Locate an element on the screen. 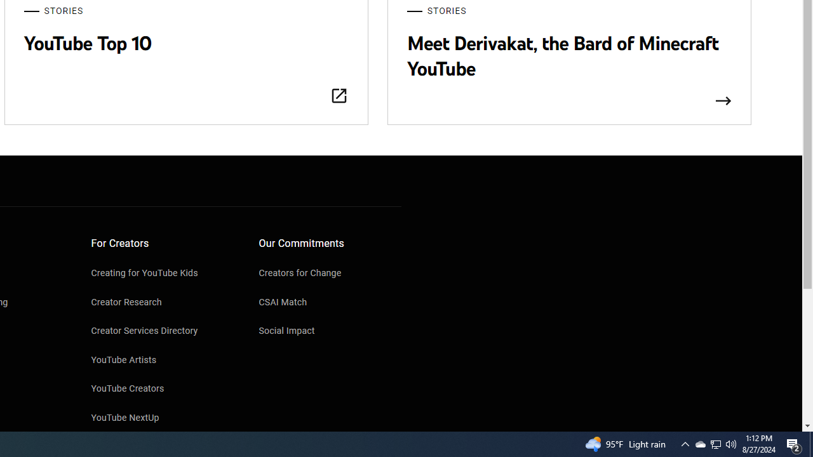  'Social Impact' is located at coordinates (330, 331).